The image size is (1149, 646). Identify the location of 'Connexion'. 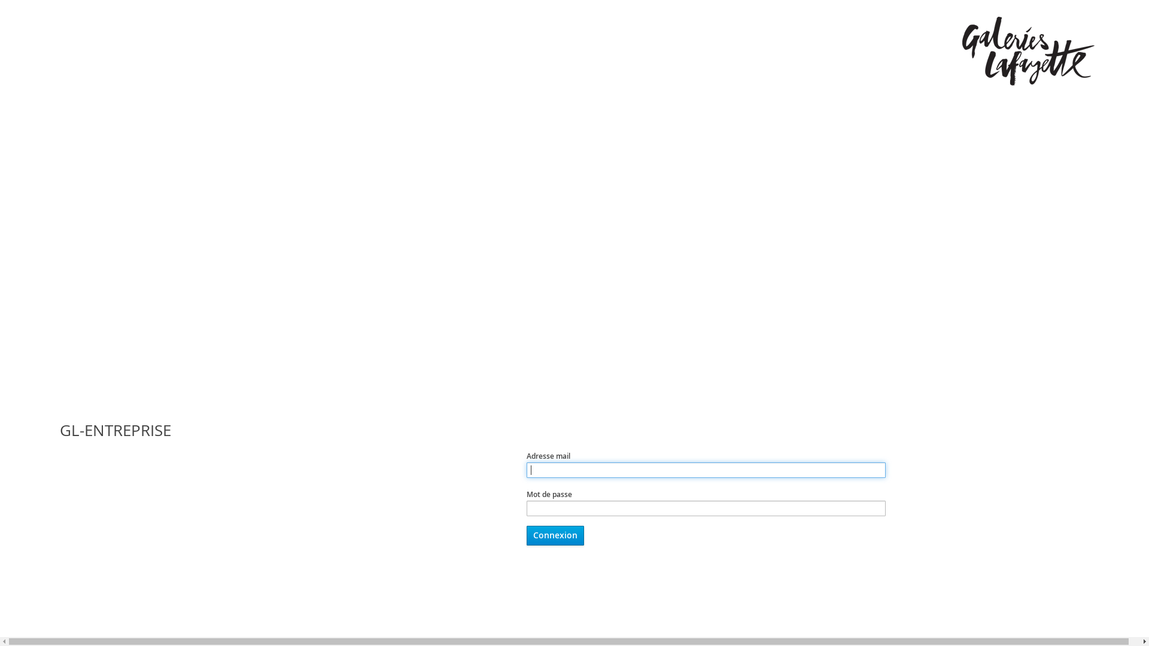
(526, 535).